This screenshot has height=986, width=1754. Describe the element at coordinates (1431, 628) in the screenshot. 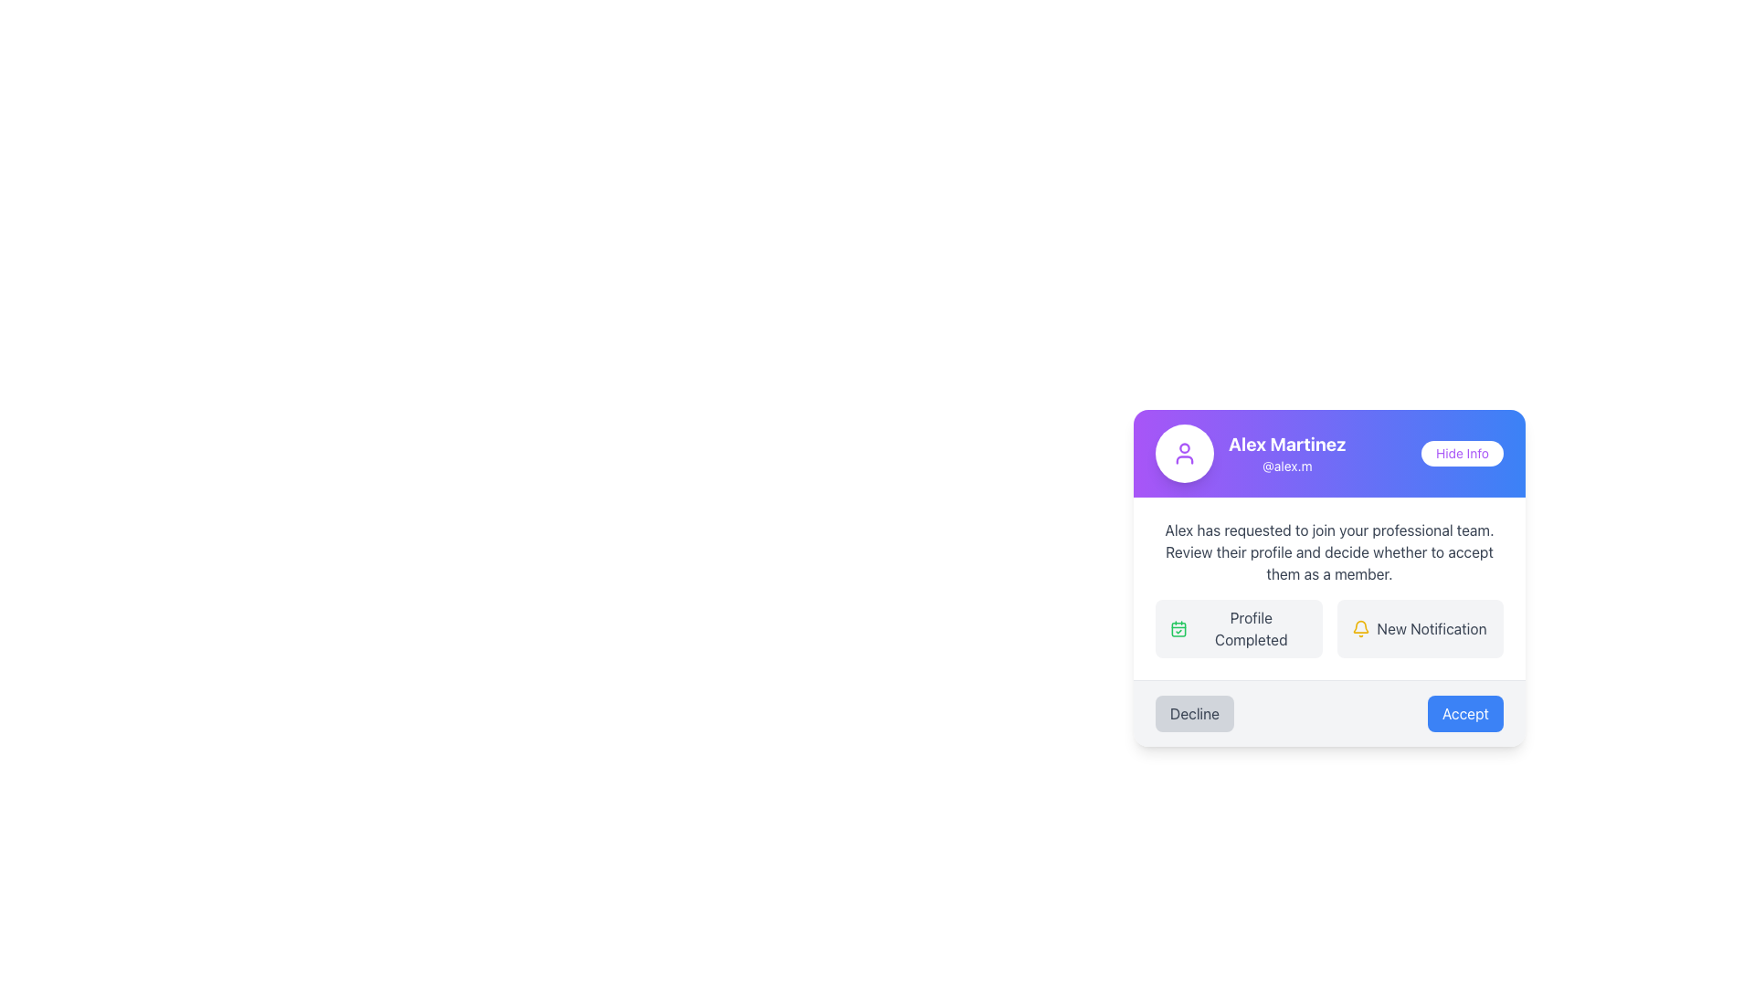

I see `the text label displaying 'New Notification' which is styled with a prominent sans-serif font in dark gray, located in the right-hand section of the interface within a light gray rounded rectangle` at that location.